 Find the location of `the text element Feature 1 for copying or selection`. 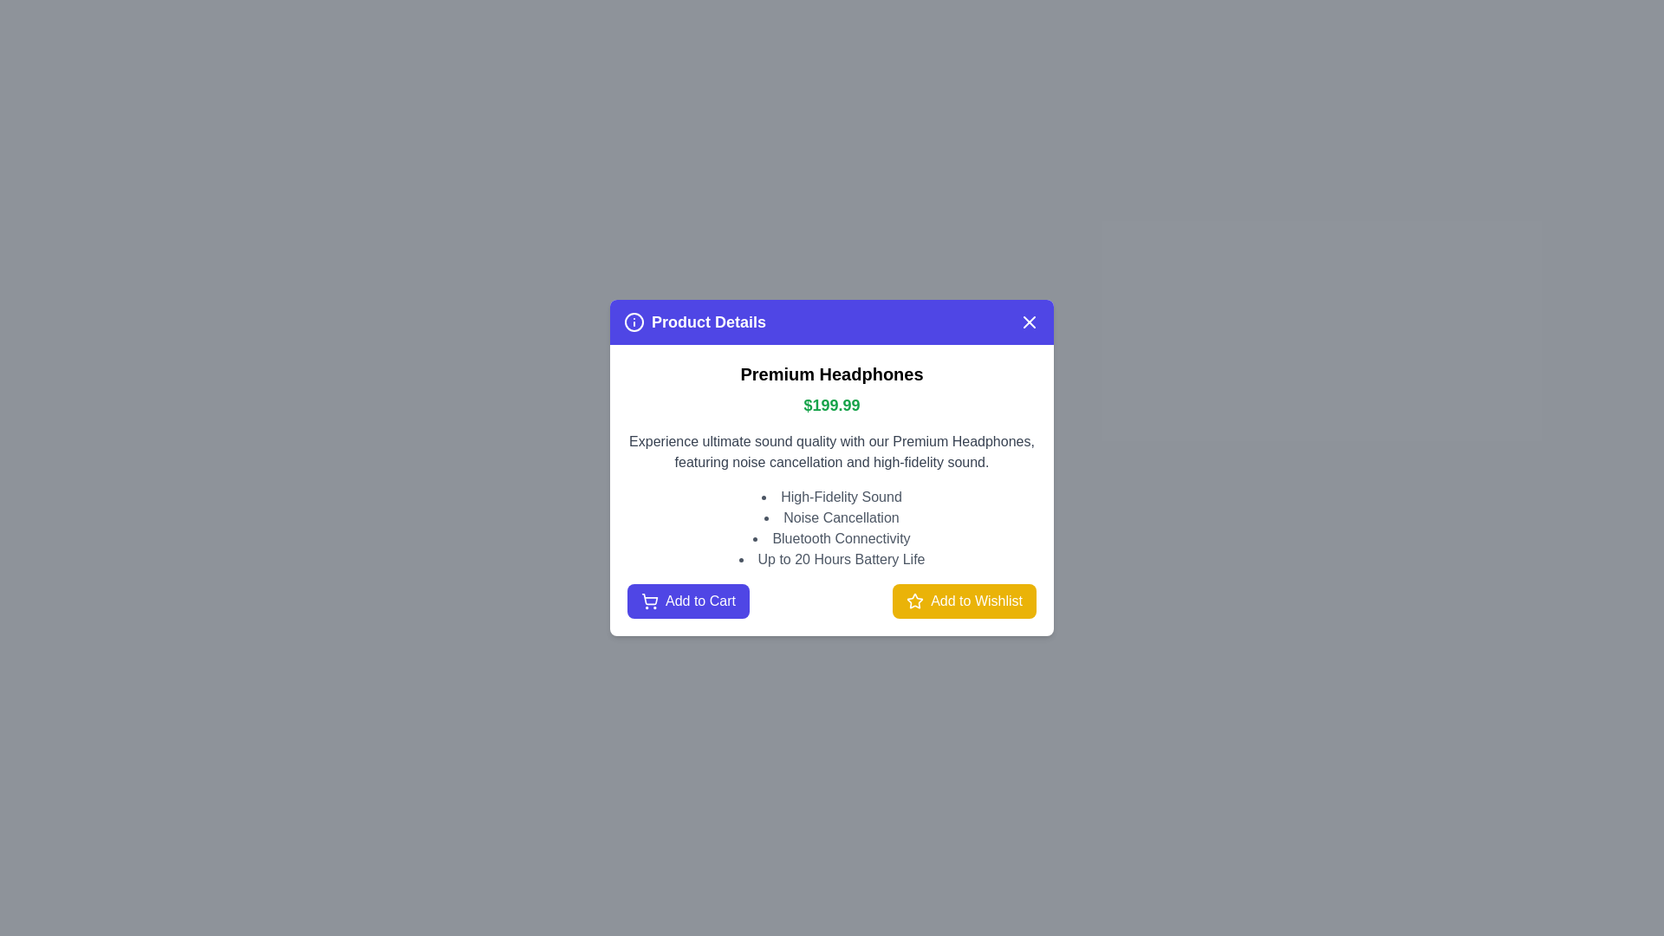

the text element Feature 1 for copying or selection is located at coordinates (832, 497).